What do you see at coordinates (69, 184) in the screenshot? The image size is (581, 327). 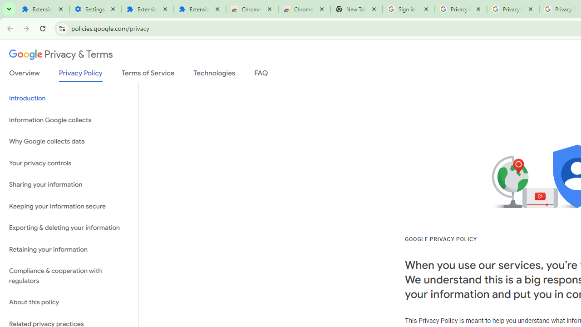 I see `'Sharing your information'` at bounding box center [69, 184].